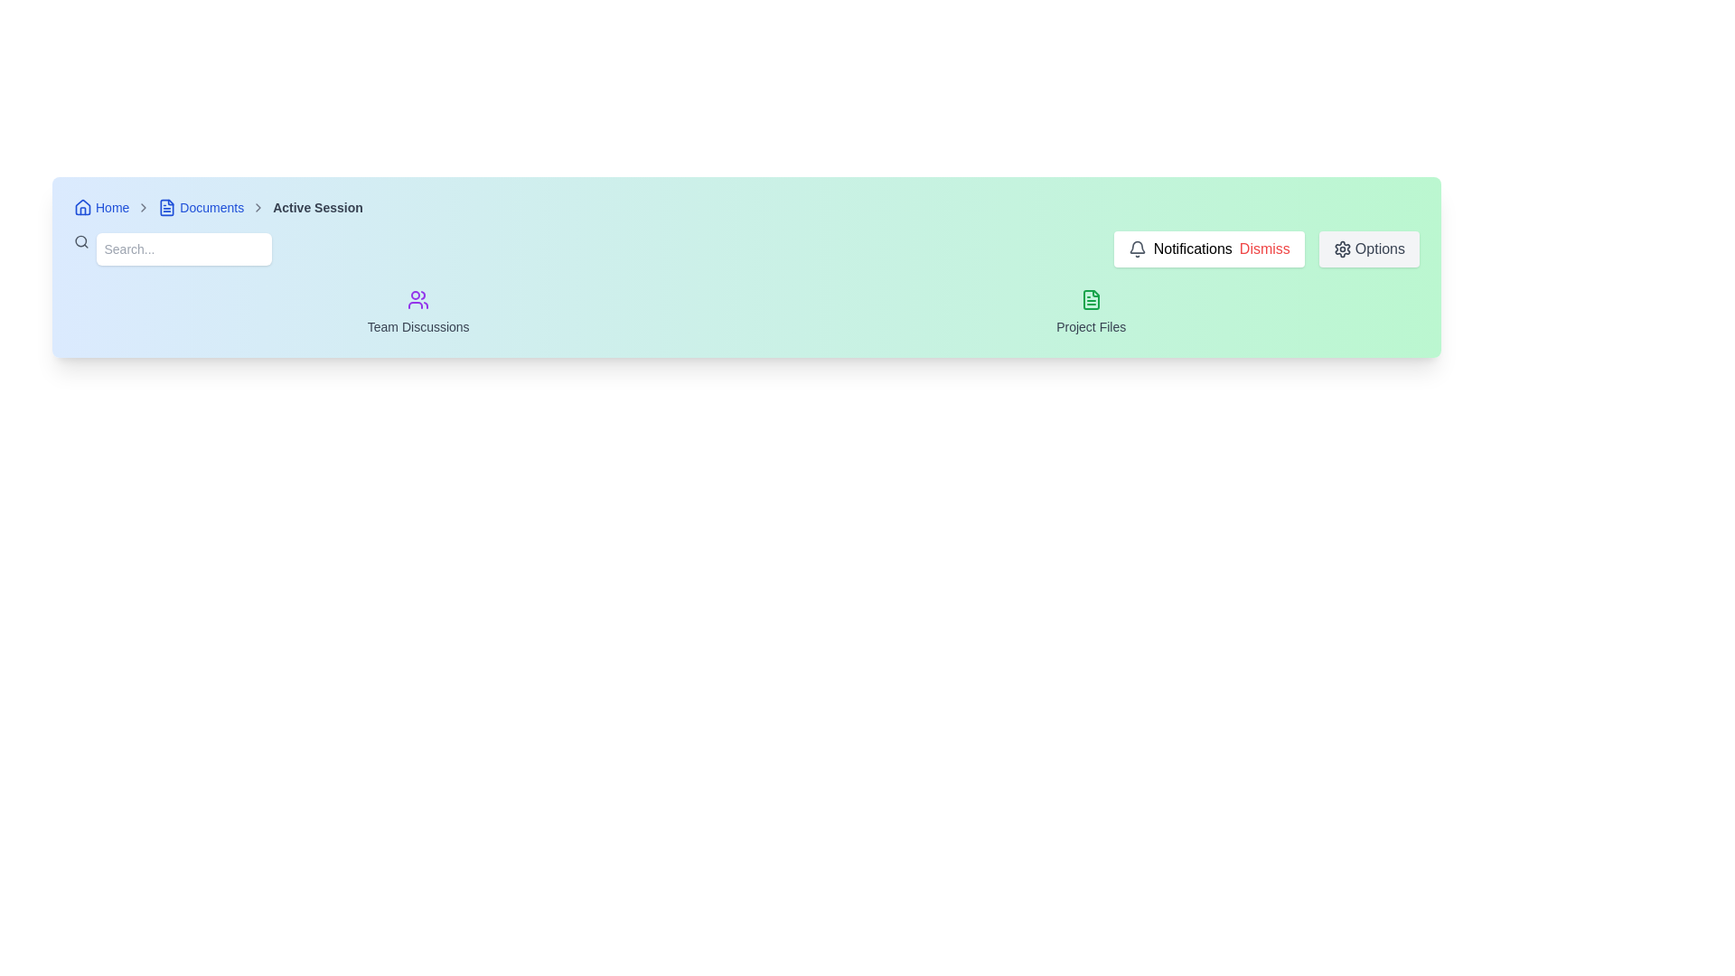 The height and width of the screenshot is (976, 1735). I want to click on the 'Options' button, which is a rectangular button with rounded corners, featuring a gear icon and dark gray text, located at the rightmost end of a row of grouped buttons, so click(1369, 249).